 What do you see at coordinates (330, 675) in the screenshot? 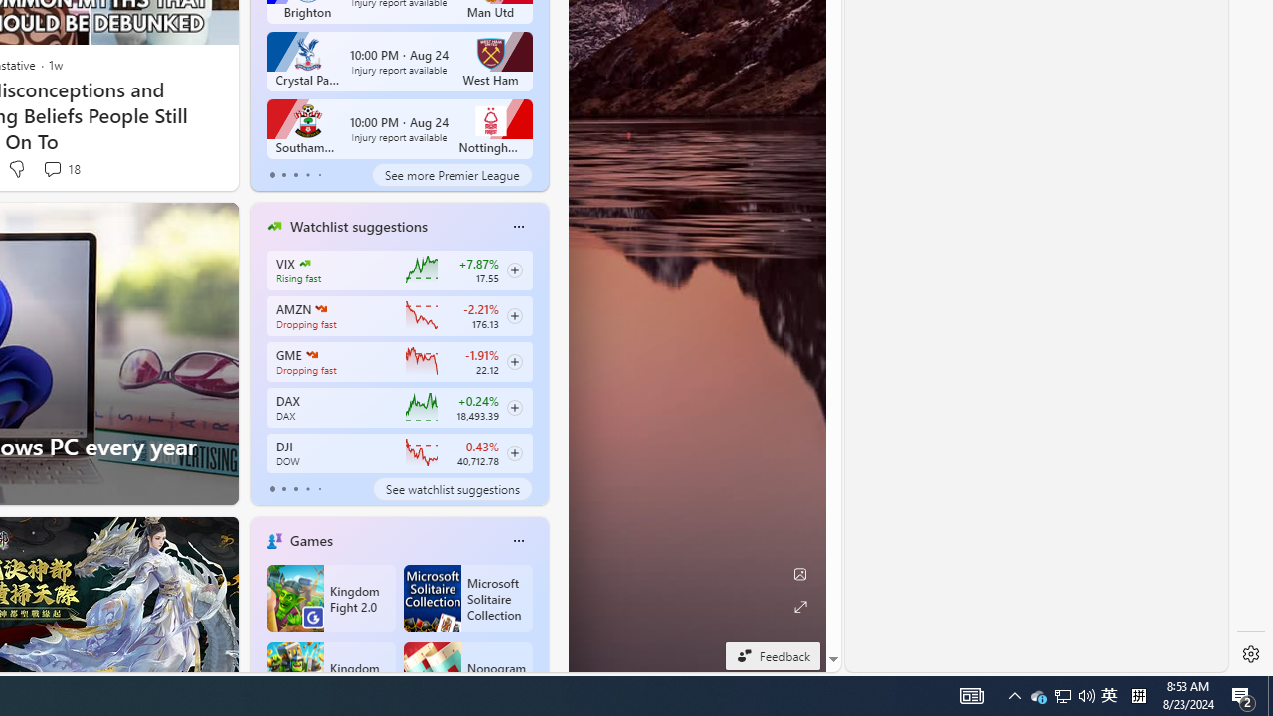
I see `'Kingdom Fight'` at bounding box center [330, 675].